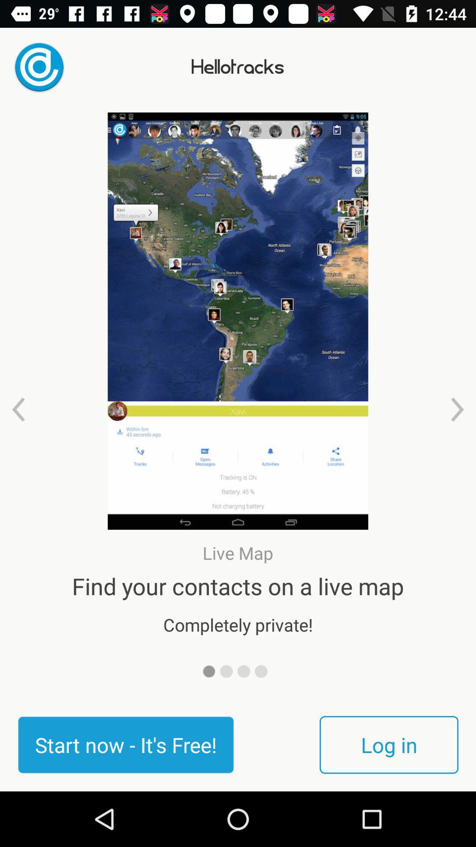 The image size is (476, 847). What do you see at coordinates (126, 744) in the screenshot?
I see `icon to the left of the log in item` at bounding box center [126, 744].